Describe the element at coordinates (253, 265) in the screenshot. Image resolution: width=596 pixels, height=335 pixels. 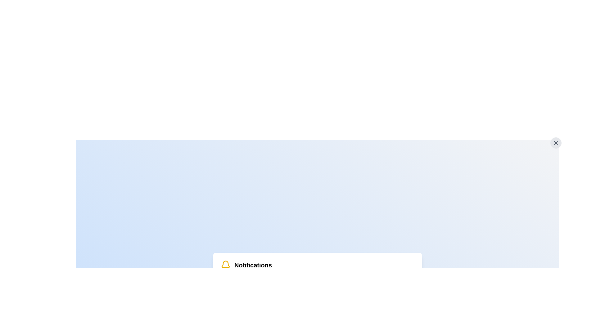
I see `the 'Notifications' text label, which is bold and positioned next to a yellow bell icon` at that location.